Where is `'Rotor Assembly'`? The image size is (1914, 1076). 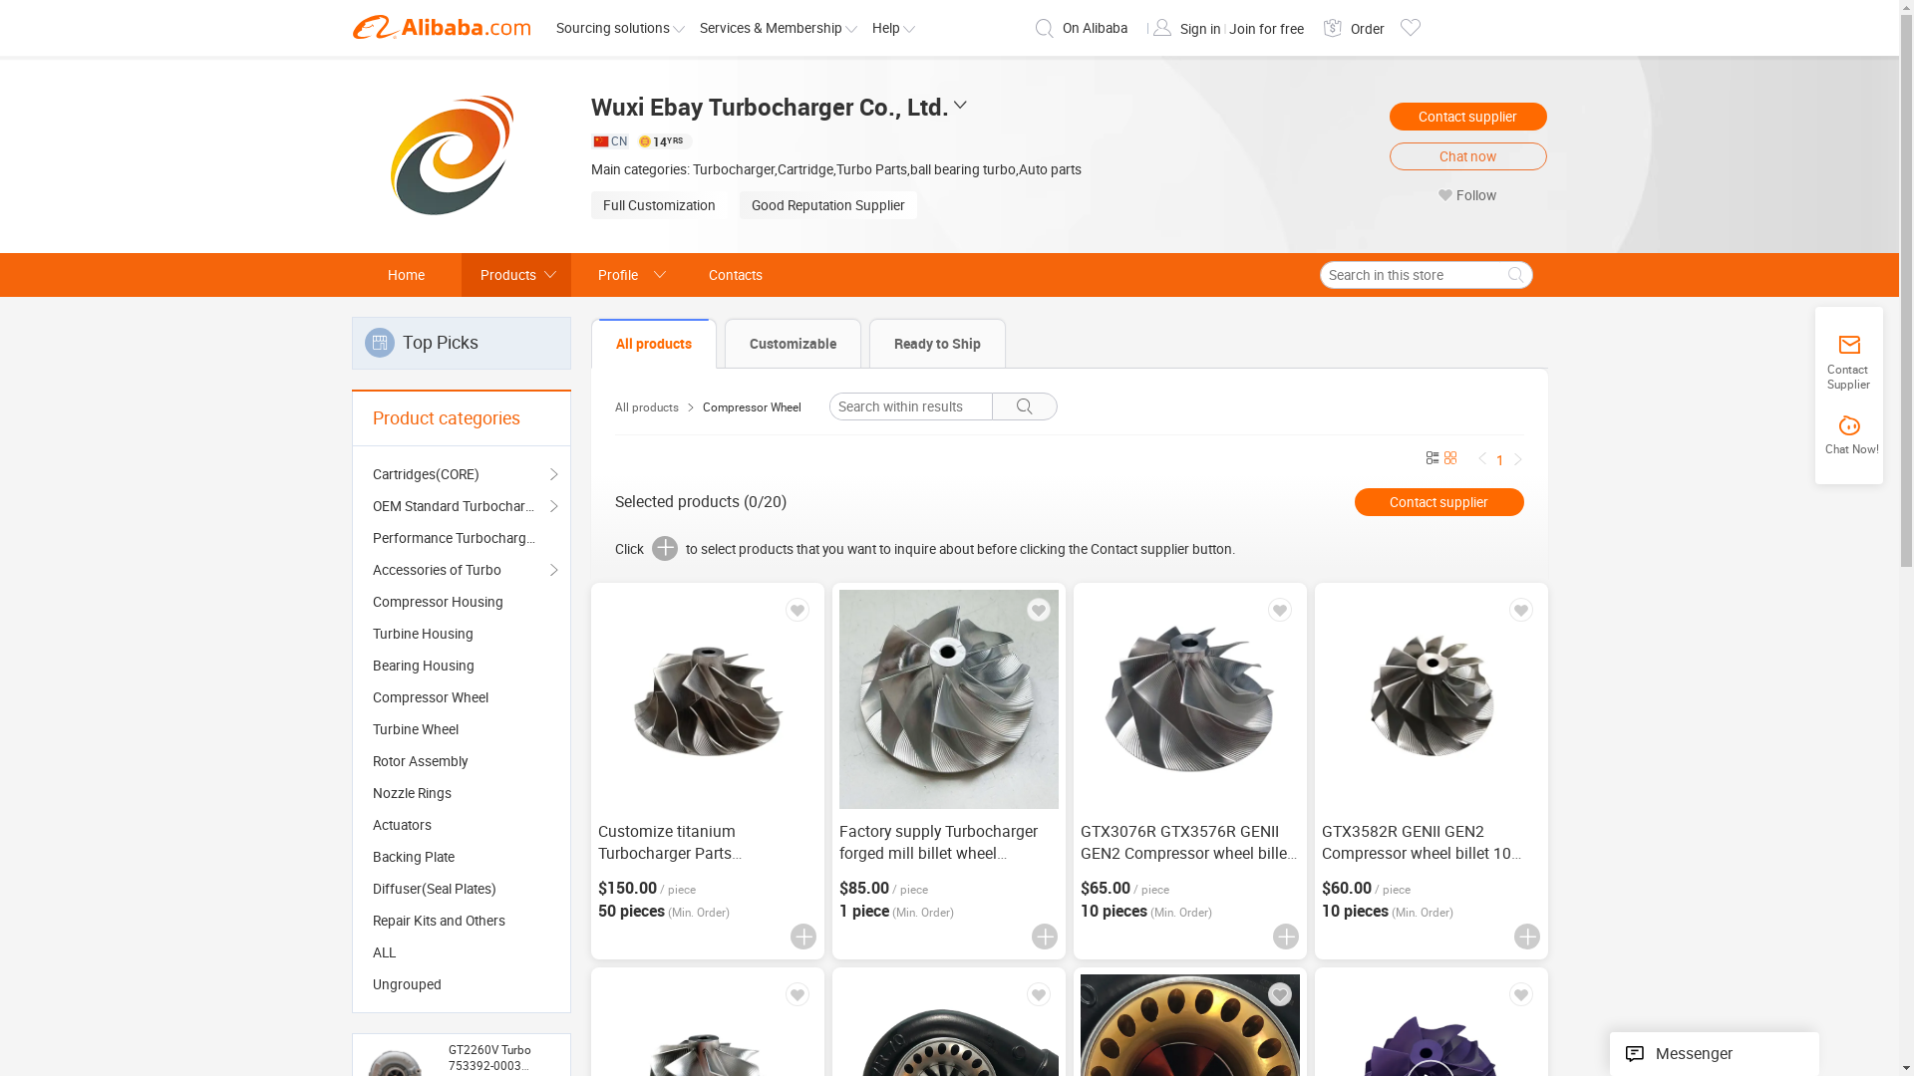
'Rotor Assembly' is located at coordinates (460, 760).